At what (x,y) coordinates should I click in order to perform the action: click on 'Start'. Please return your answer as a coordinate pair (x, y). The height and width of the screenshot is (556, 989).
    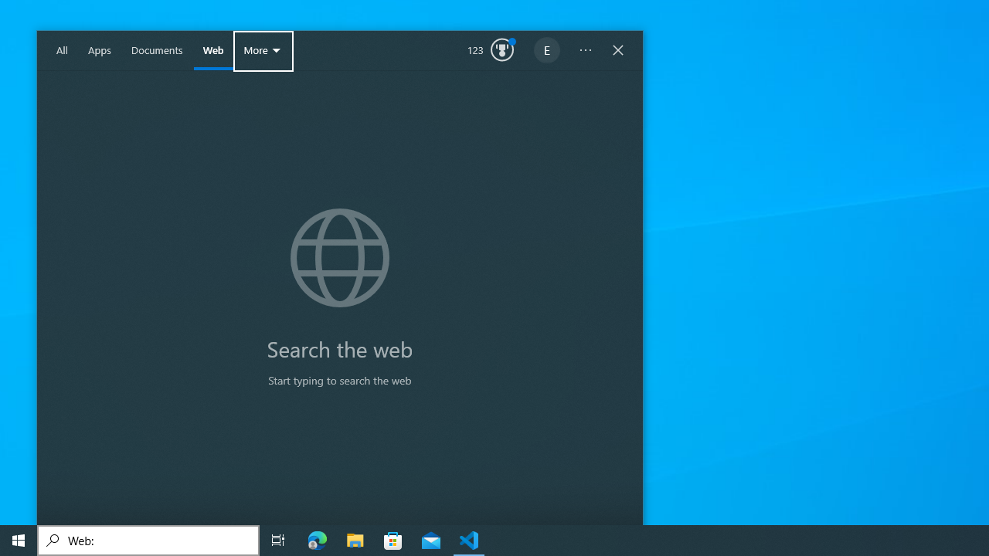
    Looking at the image, I should click on (19, 539).